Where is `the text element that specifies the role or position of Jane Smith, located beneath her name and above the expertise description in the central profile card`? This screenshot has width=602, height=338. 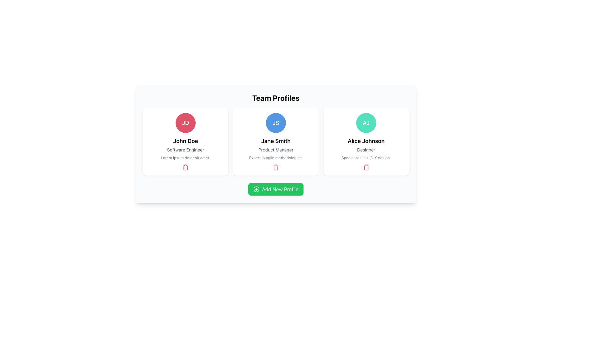
the text element that specifies the role or position of Jane Smith, located beneath her name and above the expertise description in the central profile card is located at coordinates (276, 150).